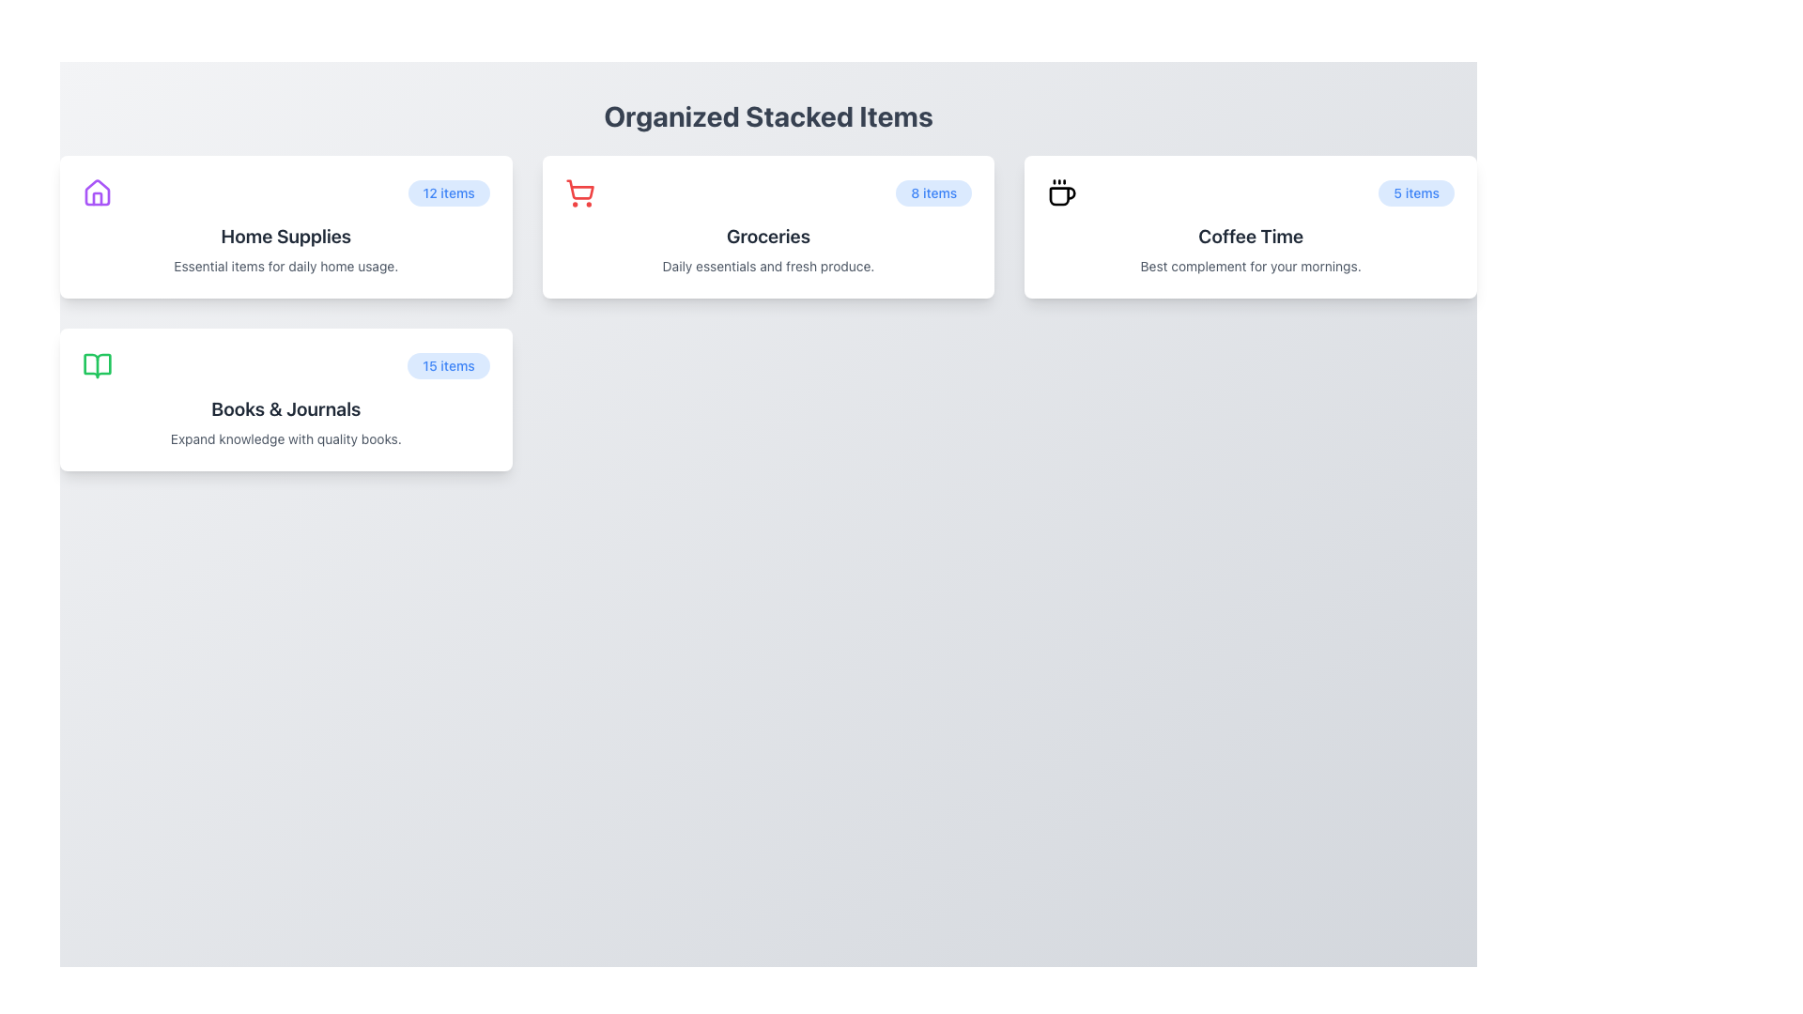 The width and height of the screenshot is (1803, 1014). What do you see at coordinates (1062, 192) in the screenshot?
I see `the coffee cup icon located to the left of the 'Coffee Time' text in the Coffee Time category section` at bounding box center [1062, 192].